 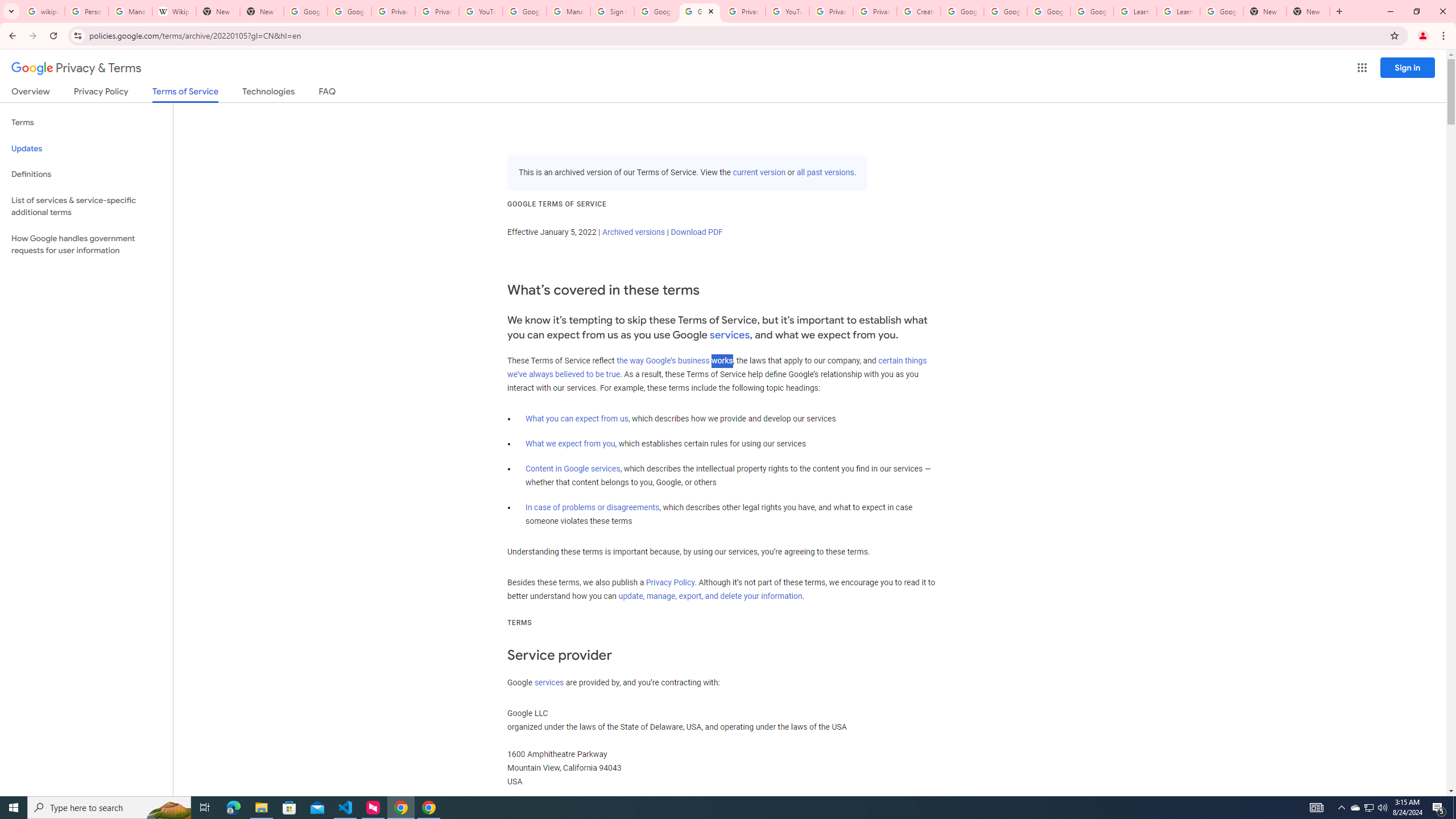 I want to click on 'Google Drive: Sign-in', so click(x=349, y=11).